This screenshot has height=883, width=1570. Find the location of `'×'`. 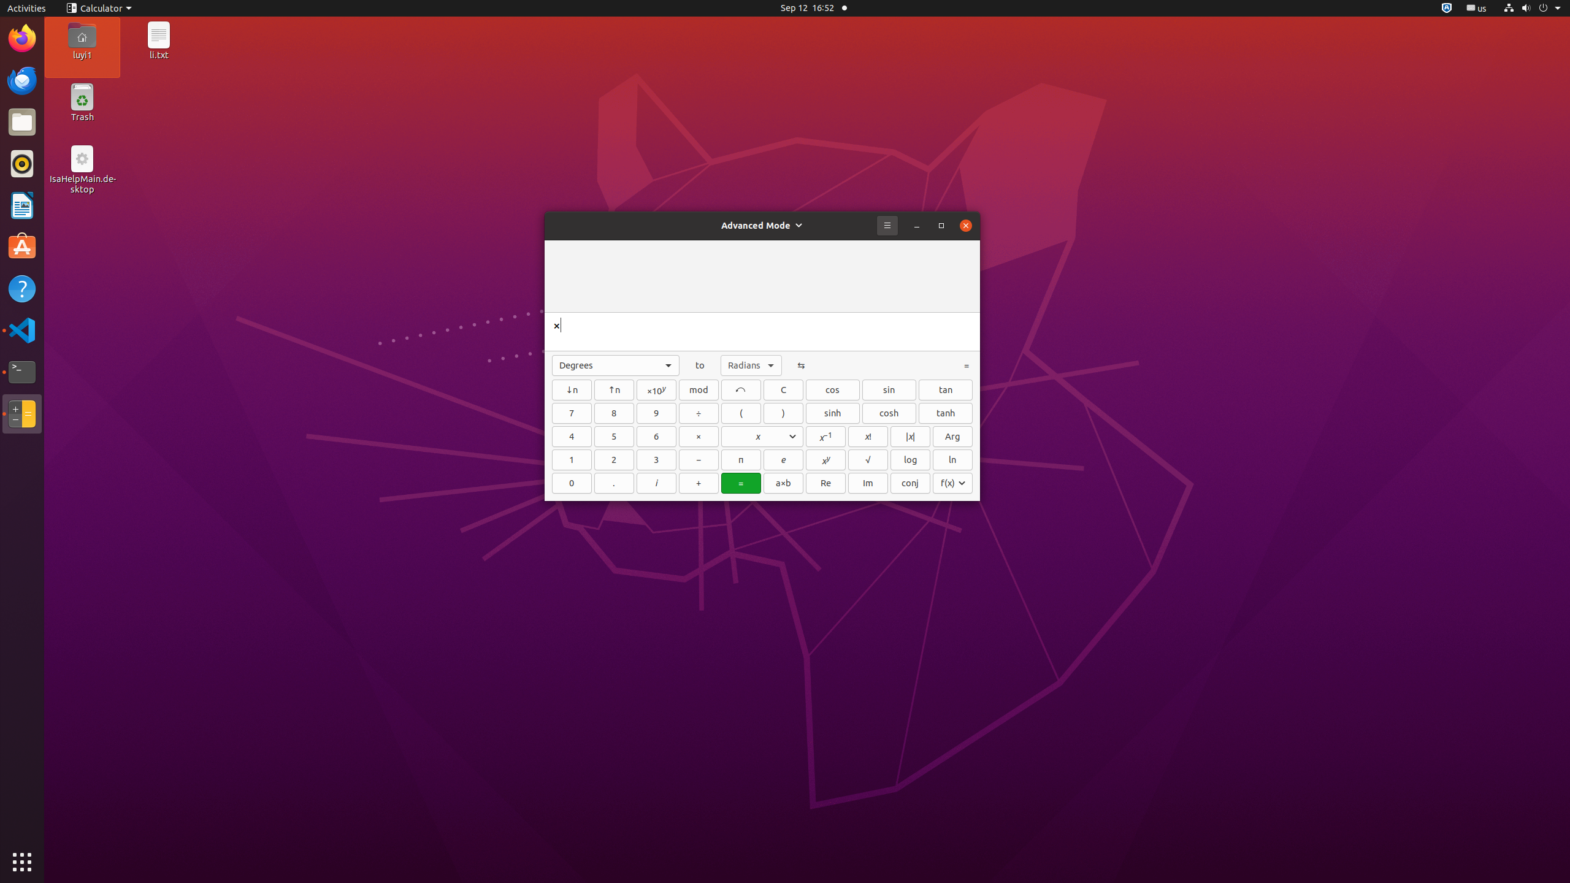

'×' is located at coordinates (698, 436).